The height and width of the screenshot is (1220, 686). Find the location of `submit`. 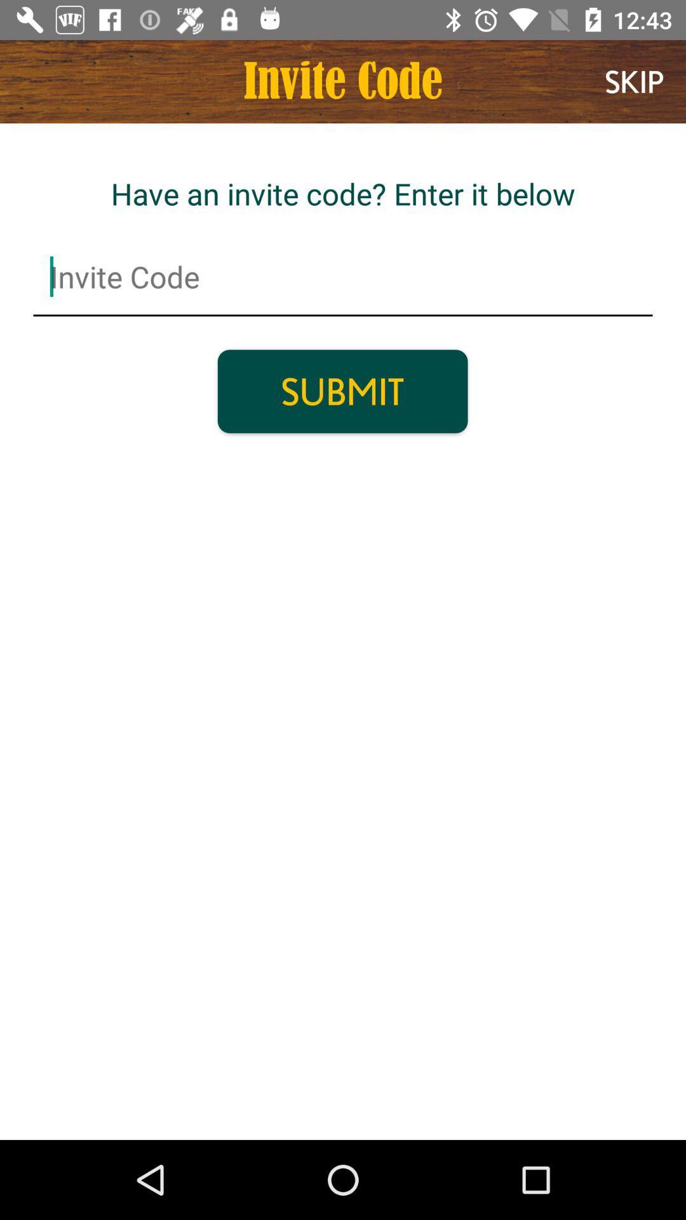

submit is located at coordinates (342, 391).